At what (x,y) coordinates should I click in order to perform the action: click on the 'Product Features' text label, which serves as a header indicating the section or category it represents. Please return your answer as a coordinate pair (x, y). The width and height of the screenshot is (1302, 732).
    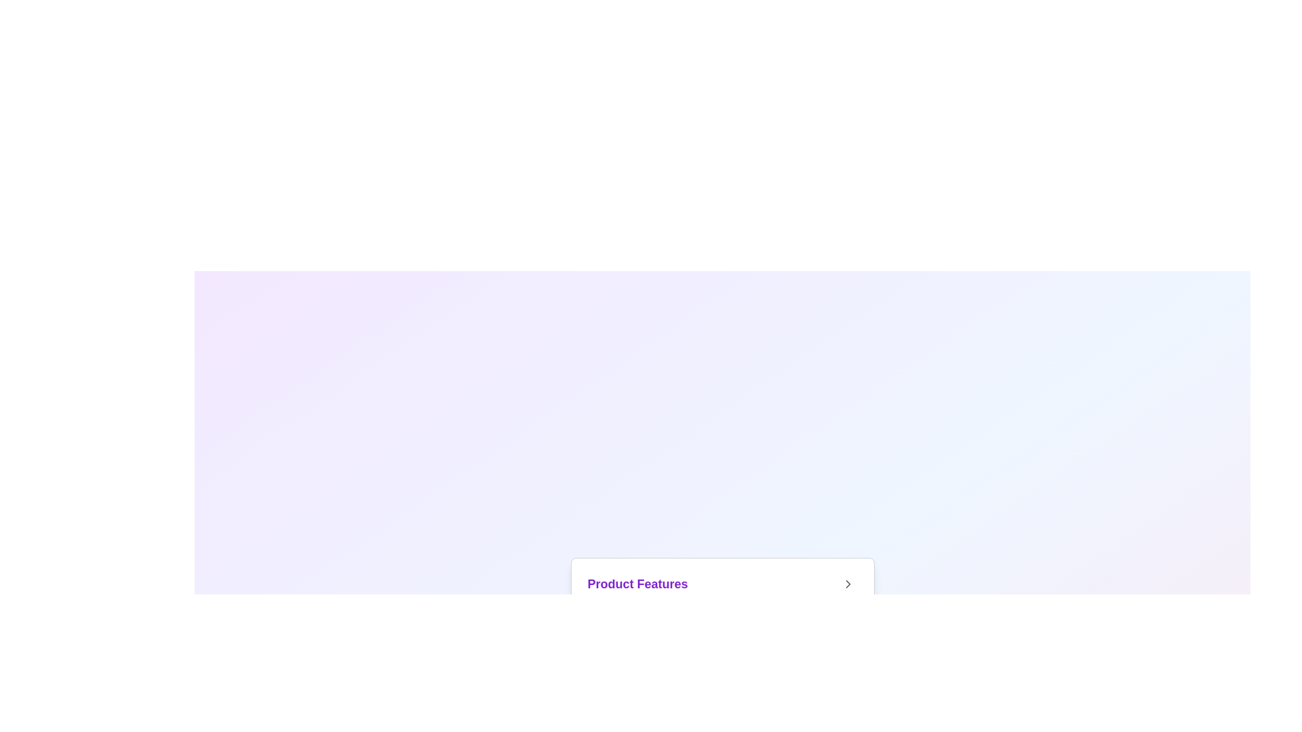
    Looking at the image, I should click on (637, 583).